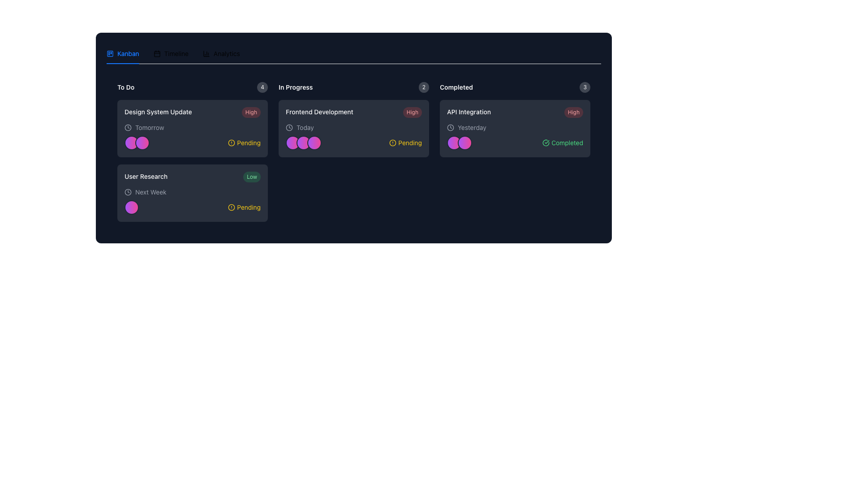 The width and height of the screenshot is (860, 484). What do you see at coordinates (109, 53) in the screenshot?
I see `the Kanban board icon located in the top-left corner of the interface, adjacent to the 'Kanban' label` at bounding box center [109, 53].